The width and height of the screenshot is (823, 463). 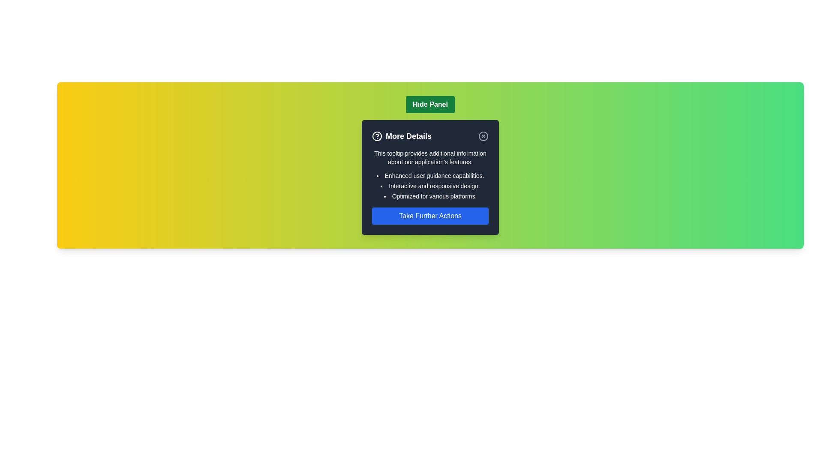 What do you see at coordinates (377, 135) in the screenshot?
I see `the help icon located on the left side of the 'More Details' tooltip header` at bounding box center [377, 135].